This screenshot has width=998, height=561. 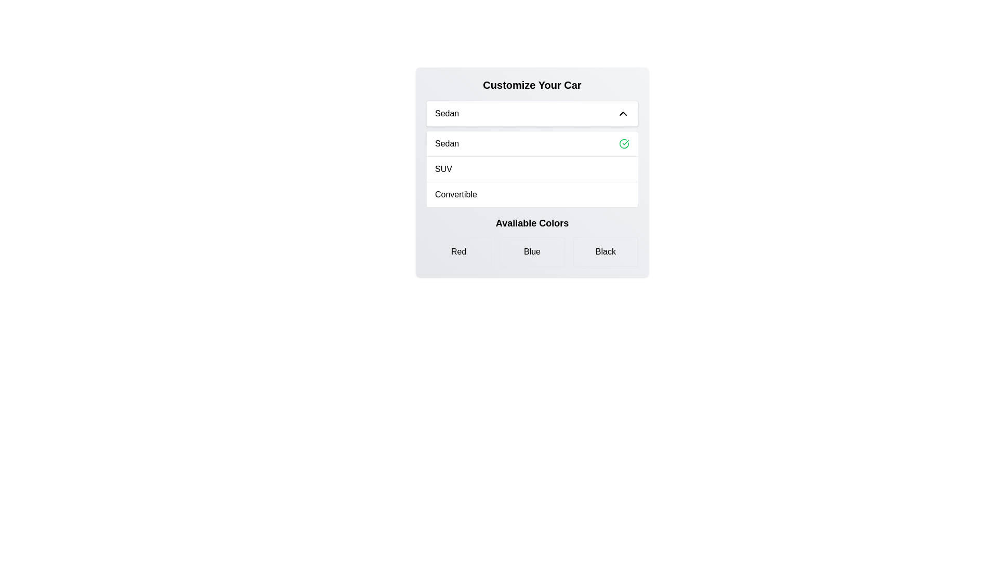 What do you see at coordinates (443, 169) in the screenshot?
I see `the 'SUV' option in the selectable list under the 'Customize Your Car' dropdown` at bounding box center [443, 169].